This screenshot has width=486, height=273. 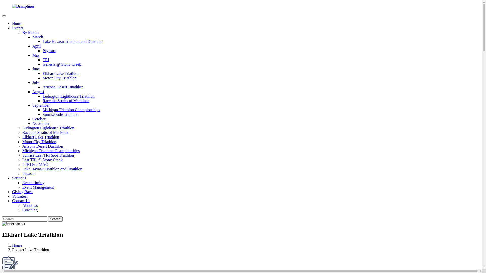 I want to click on 'Event Management', so click(x=38, y=187).